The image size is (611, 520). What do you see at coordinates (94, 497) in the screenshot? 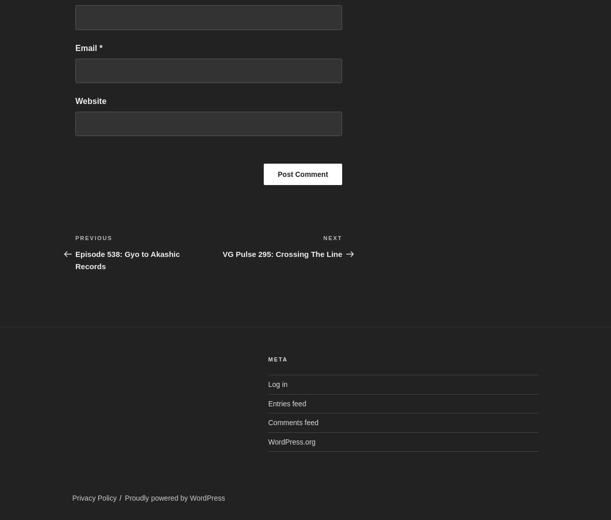
I see `'Privacy Policy'` at bounding box center [94, 497].